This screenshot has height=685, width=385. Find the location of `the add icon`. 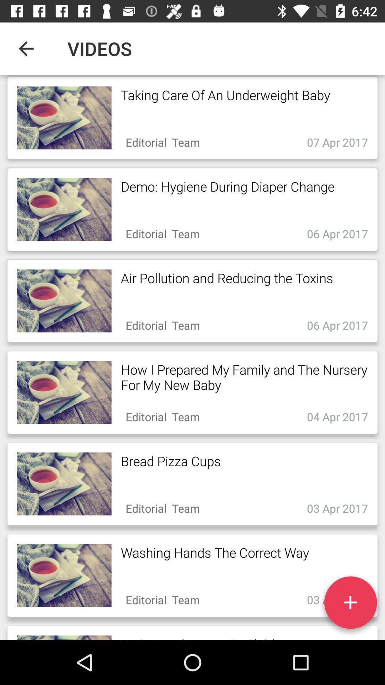

the add icon is located at coordinates (350, 605).